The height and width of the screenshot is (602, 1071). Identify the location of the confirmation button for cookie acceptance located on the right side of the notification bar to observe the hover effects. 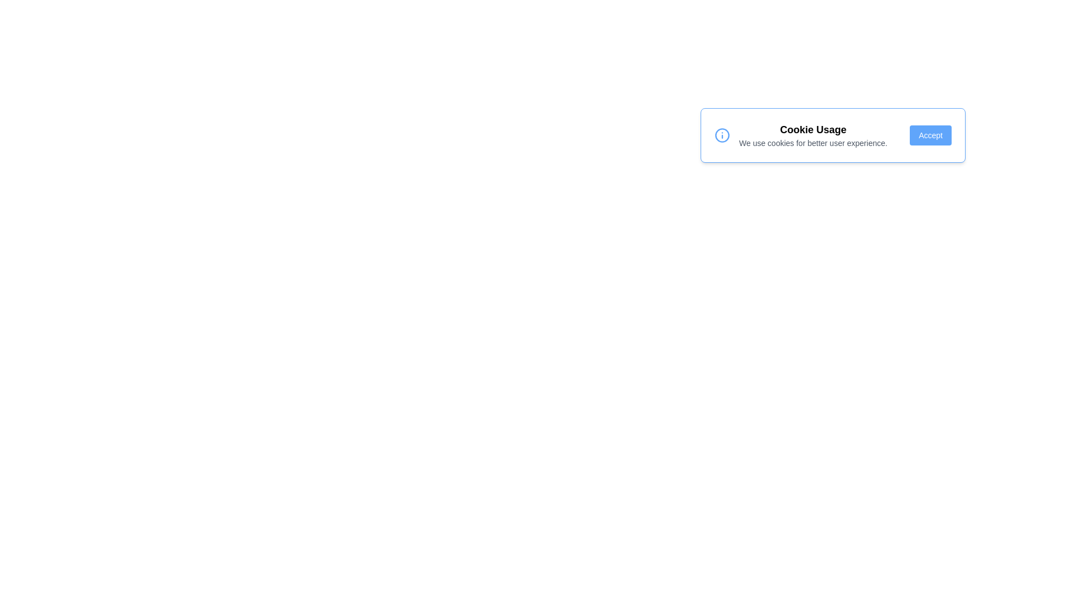
(930, 135).